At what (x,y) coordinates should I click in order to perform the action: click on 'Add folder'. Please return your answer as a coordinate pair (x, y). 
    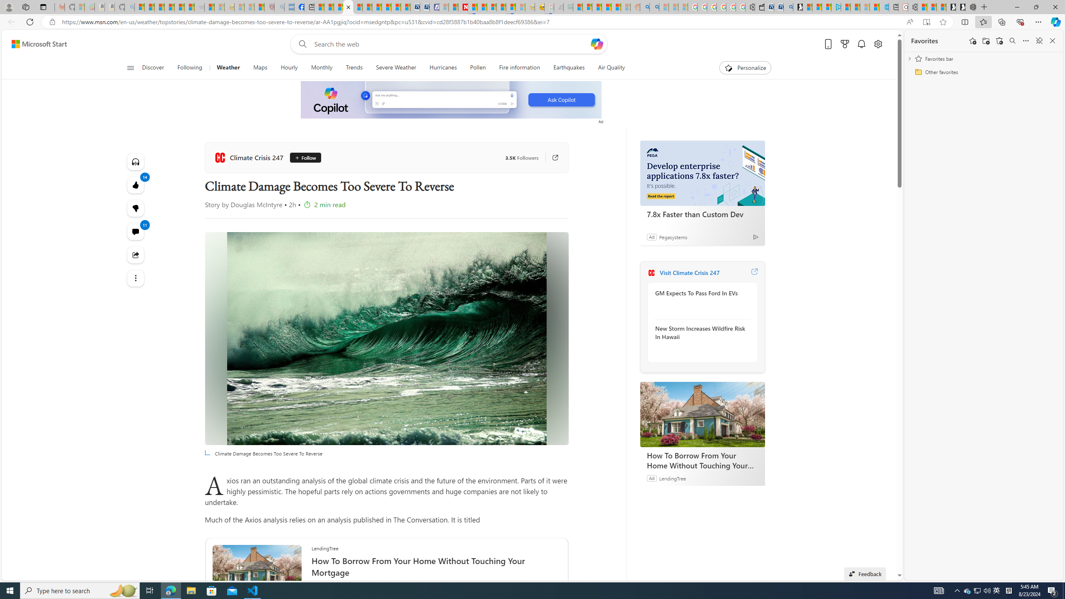
    Looking at the image, I should click on (985, 40).